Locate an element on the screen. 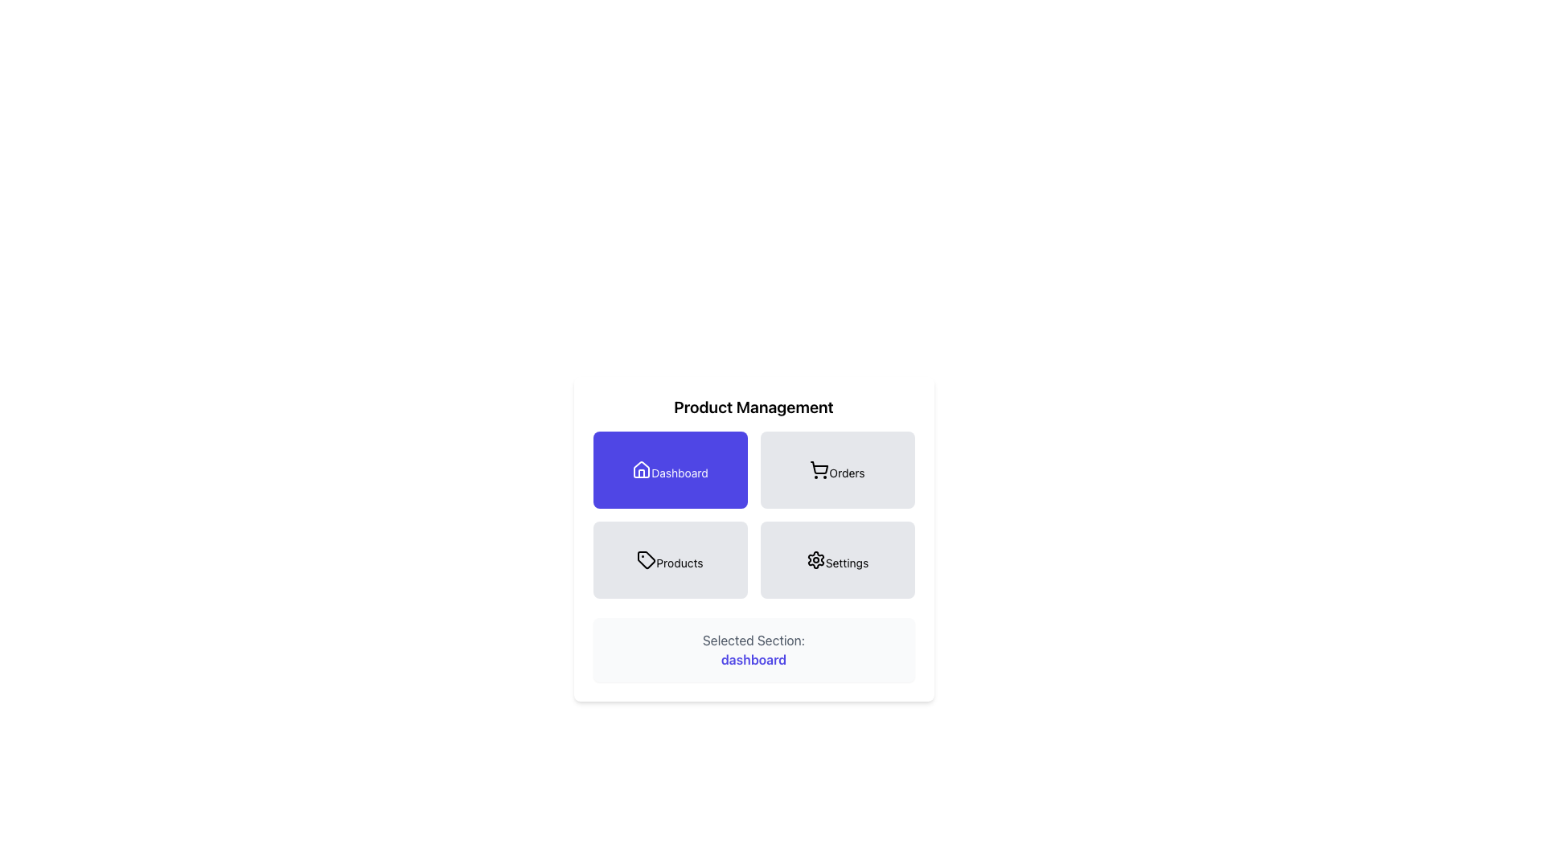 The image size is (1544, 868). the gear-shaped icon representing settings located in the bottom-right quadrant of the four-option grid is located at coordinates (815, 559).